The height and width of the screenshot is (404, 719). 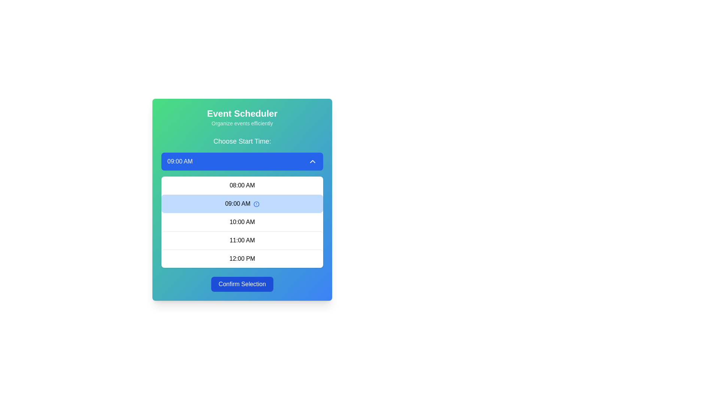 I want to click on the text block that serves as the title and subtitle for the event scheduler card, located at the center top of the card before the 'Choose Start Time:' label, so click(x=242, y=117).